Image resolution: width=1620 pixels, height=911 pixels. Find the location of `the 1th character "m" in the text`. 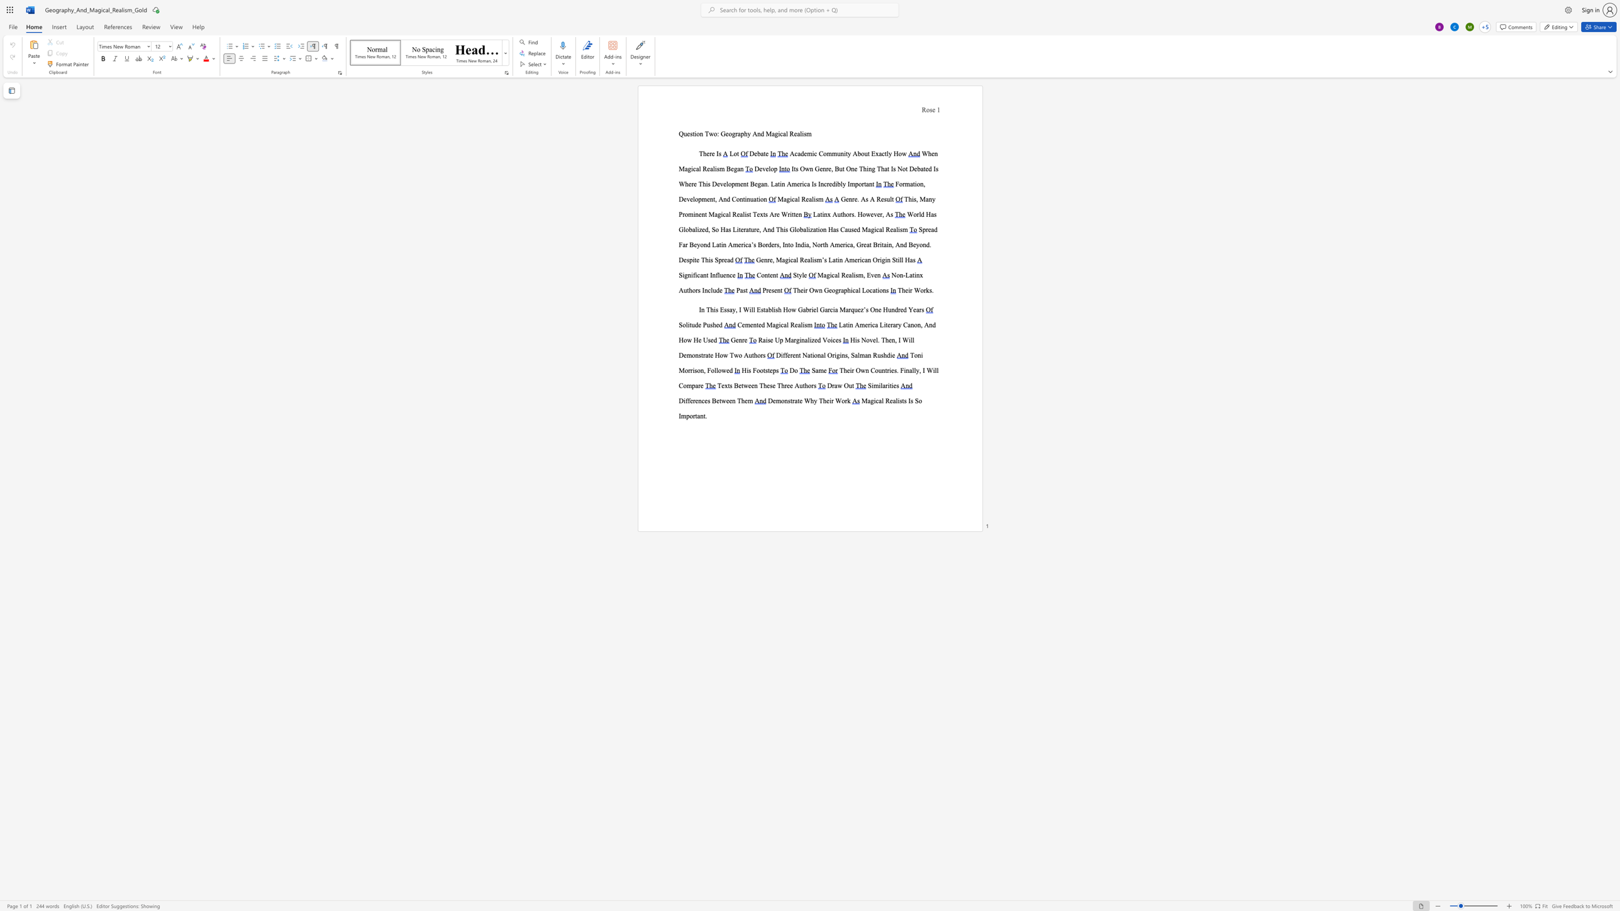

the 1th character "m" in the text is located at coordinates (860, 275).